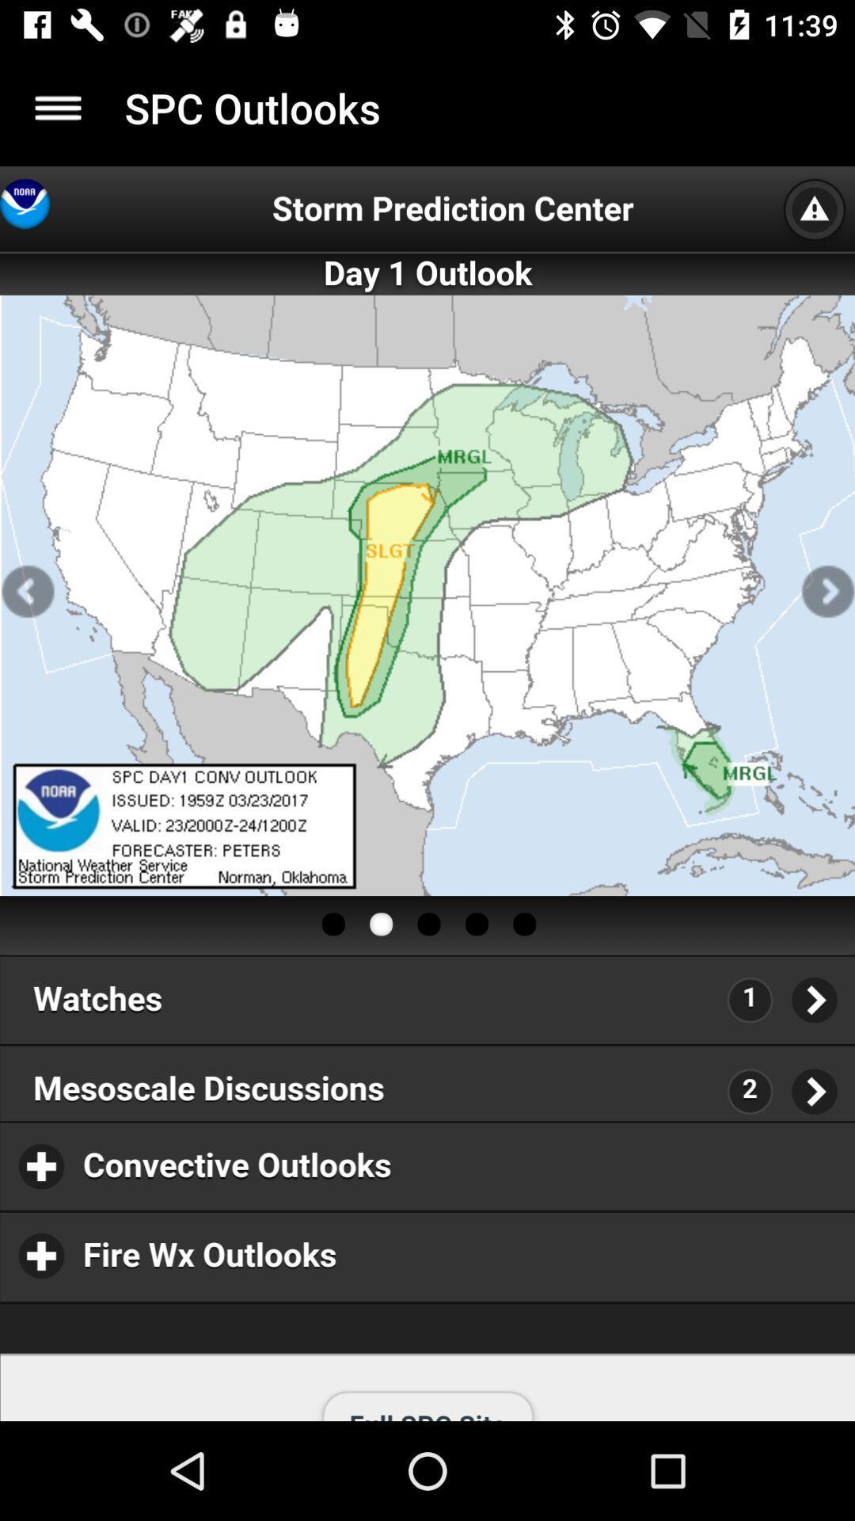  What do you see at coordinates (57, 107) in the screenshot?
I see `button is useed to share the article` at bounding box center [57, 107].